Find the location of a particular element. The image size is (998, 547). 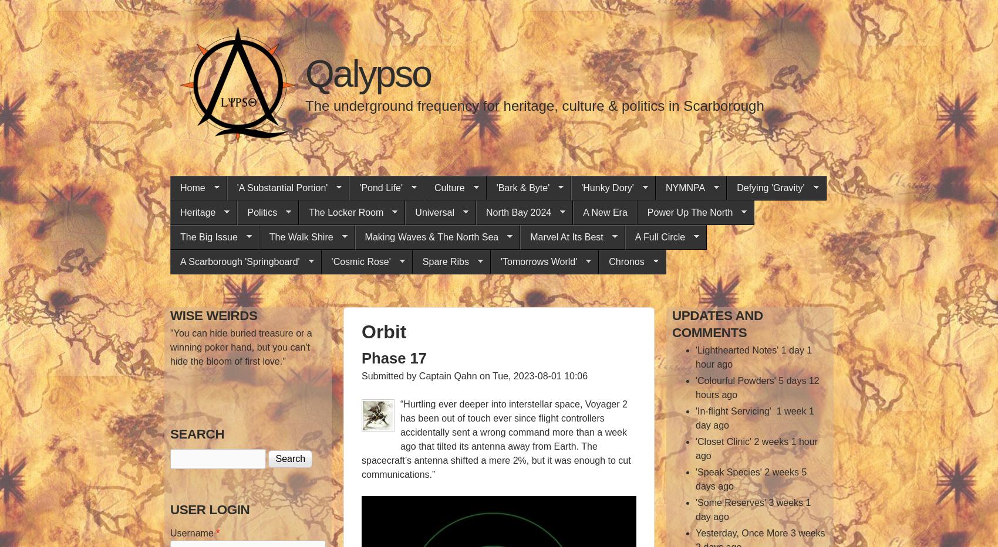

'Making Waves & The North Sea' is located at coordinates (431, 237).